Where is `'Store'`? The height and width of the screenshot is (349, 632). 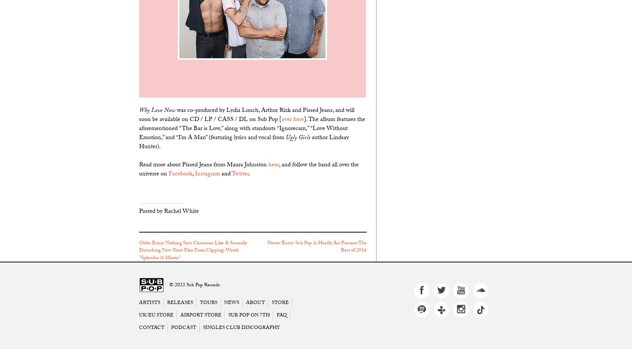 'Store' is located at coordinates (280, 302).